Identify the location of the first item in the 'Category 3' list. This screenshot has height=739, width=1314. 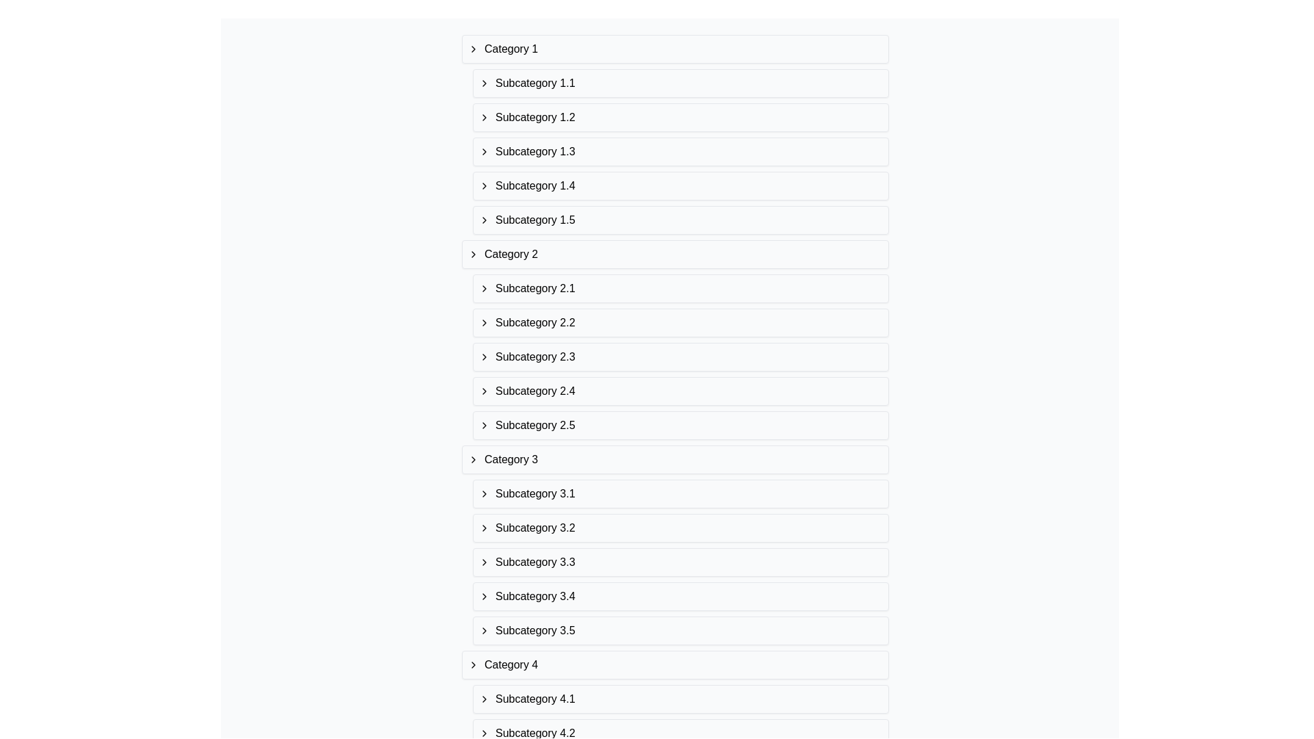
(680, 493).